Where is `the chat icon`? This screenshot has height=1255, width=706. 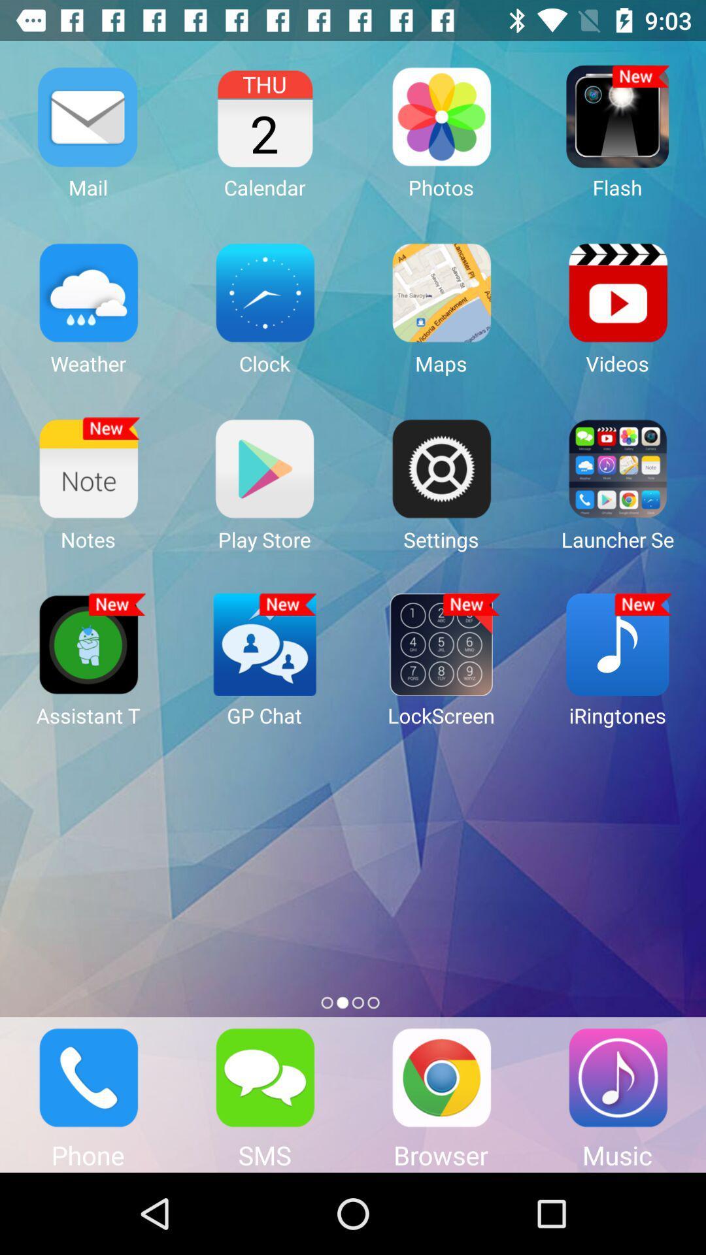
the chat icon is located at coordinates (265, 1077).